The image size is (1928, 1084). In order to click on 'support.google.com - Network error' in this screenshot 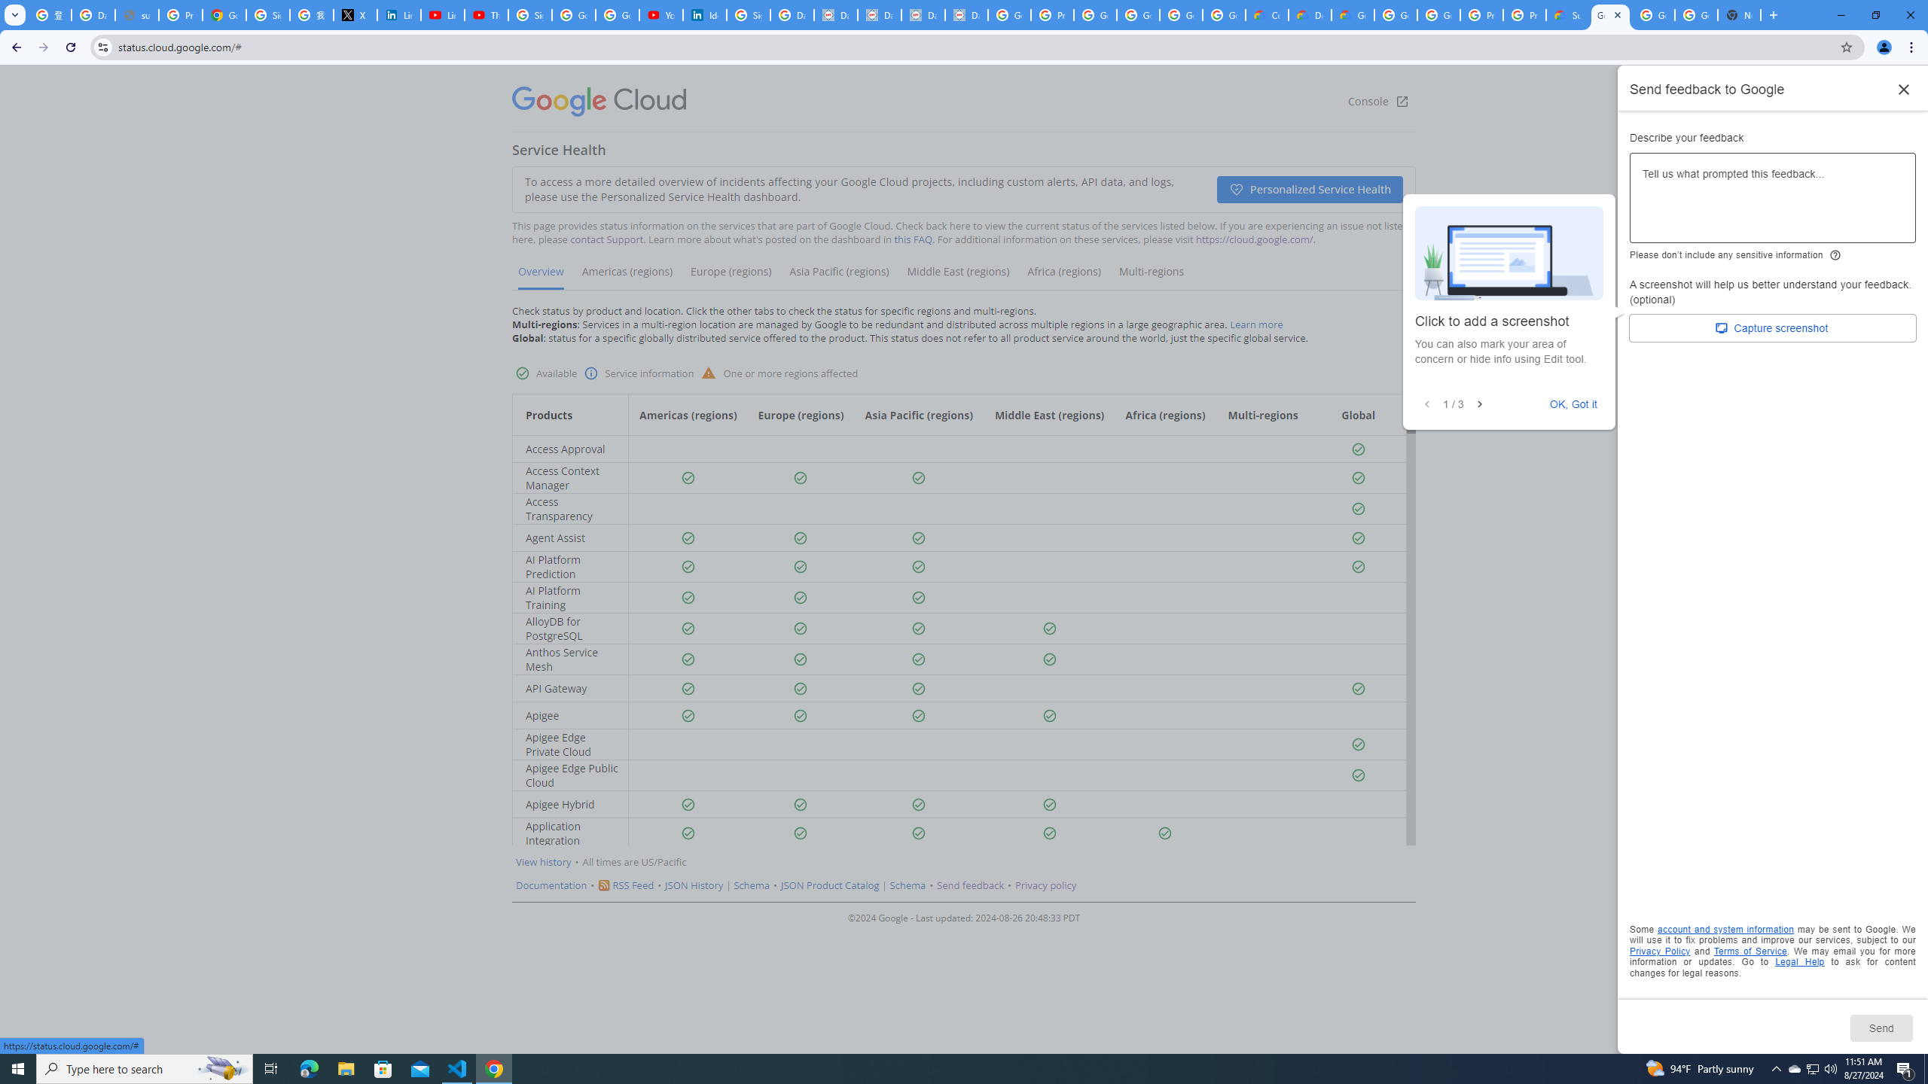, I will do `click(136, 14)`.